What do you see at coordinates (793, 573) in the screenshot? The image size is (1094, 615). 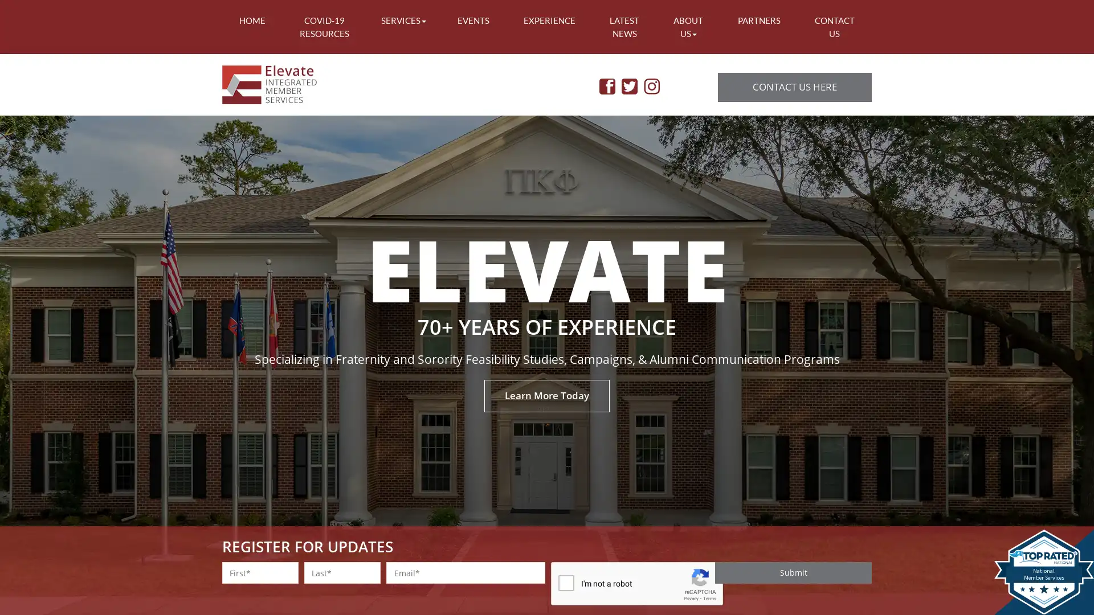 I see `Submit` at bounding box center [793, 573].